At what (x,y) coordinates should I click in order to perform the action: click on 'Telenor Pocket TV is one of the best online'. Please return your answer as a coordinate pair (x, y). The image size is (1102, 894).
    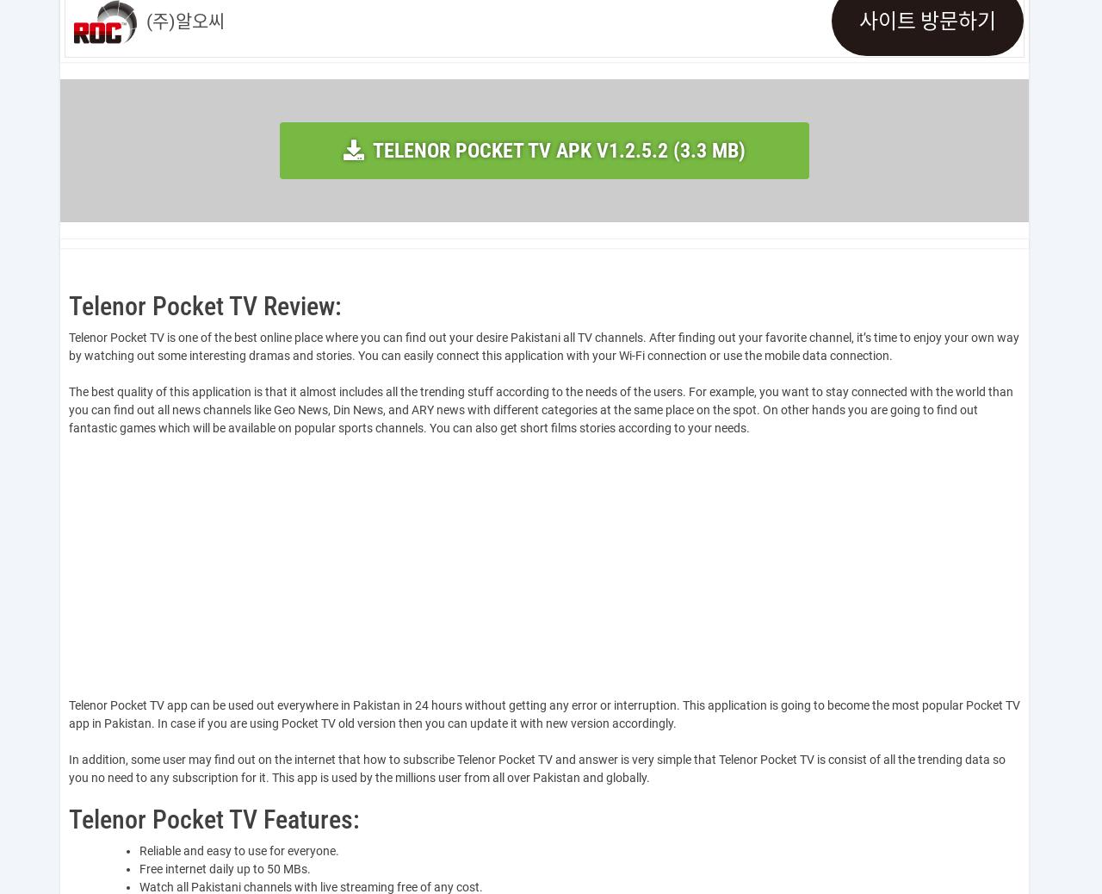
    Looking at the image, I should click on (181, 337).